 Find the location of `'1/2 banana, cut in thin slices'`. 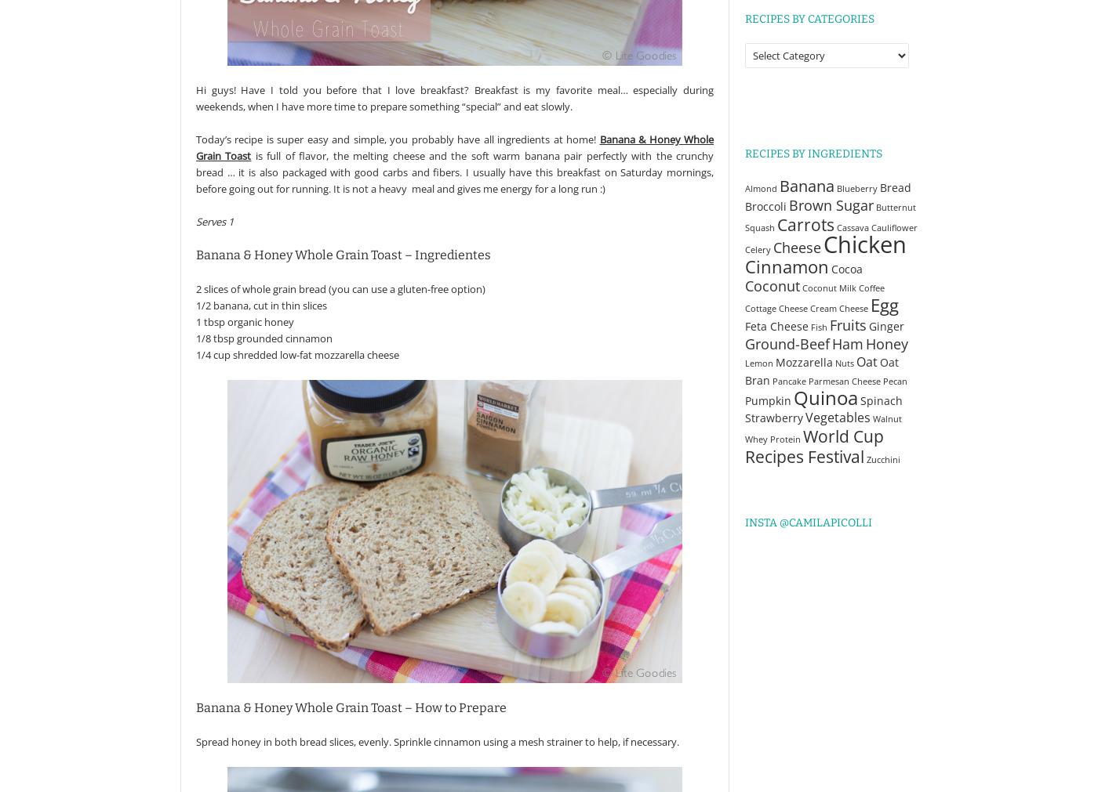

'1/2 banana, cut in thin slices' is located at coordinates (261, 305).